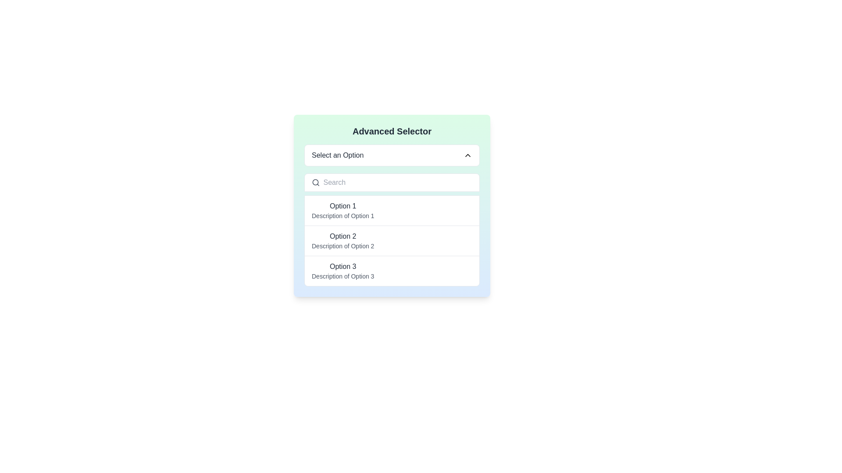  What do you see at coordinates (316, 182) in the screenshot?
I see `the search icon located on the left side of the search bar, which serves as a visual indicator for the search functionality` at bounding box center [316, 182].